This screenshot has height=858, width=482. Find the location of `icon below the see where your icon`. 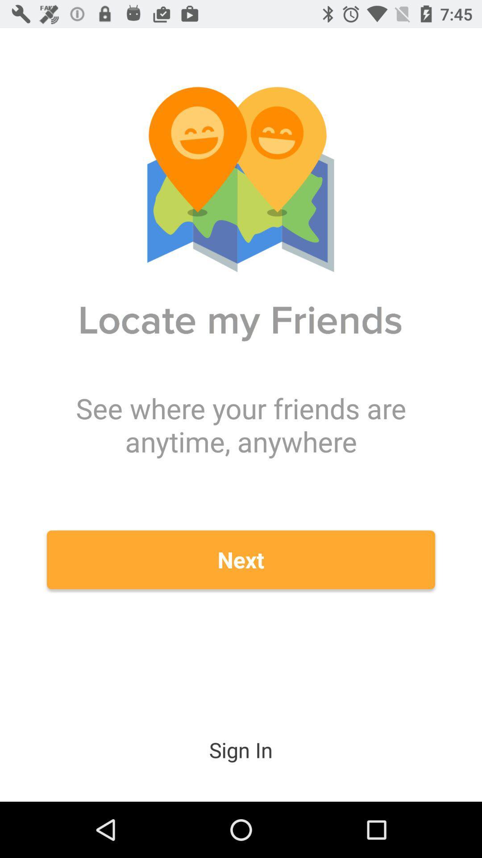

icon below the see where your icon is located at coordinates (241, 559).